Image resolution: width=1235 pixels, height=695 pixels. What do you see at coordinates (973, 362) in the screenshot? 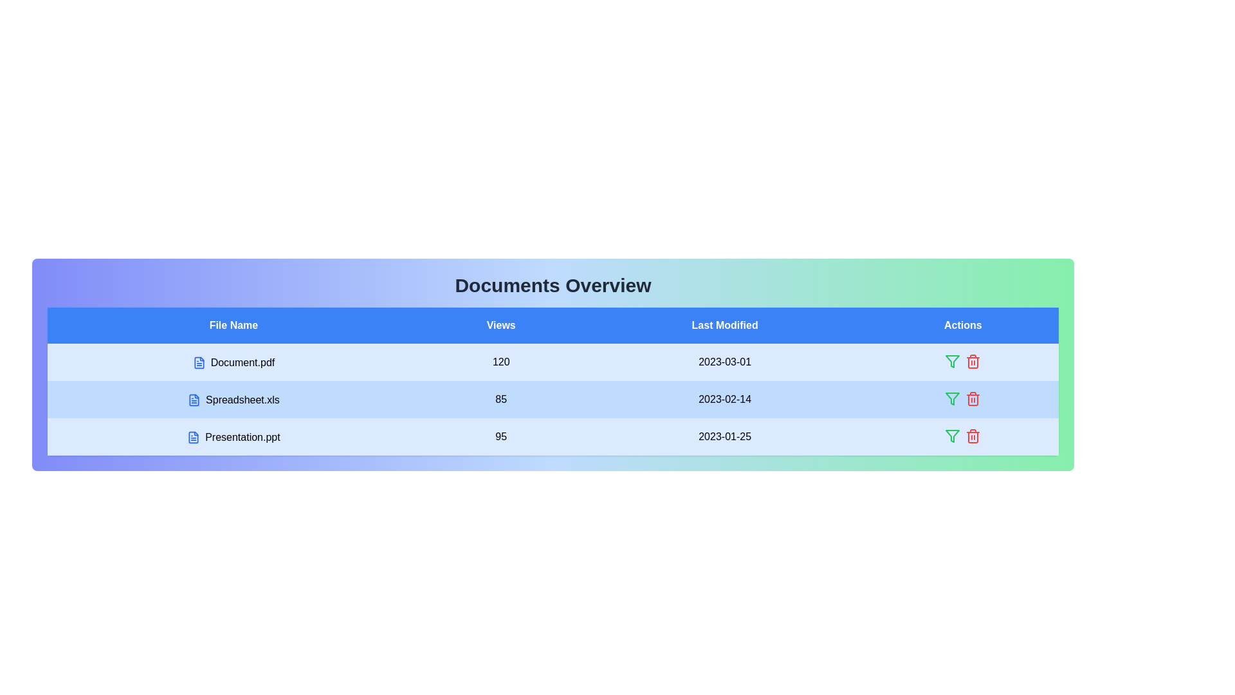
I see `the action icon delete for the row corresponding to Document.pdf` at bounding box center [973, 362].